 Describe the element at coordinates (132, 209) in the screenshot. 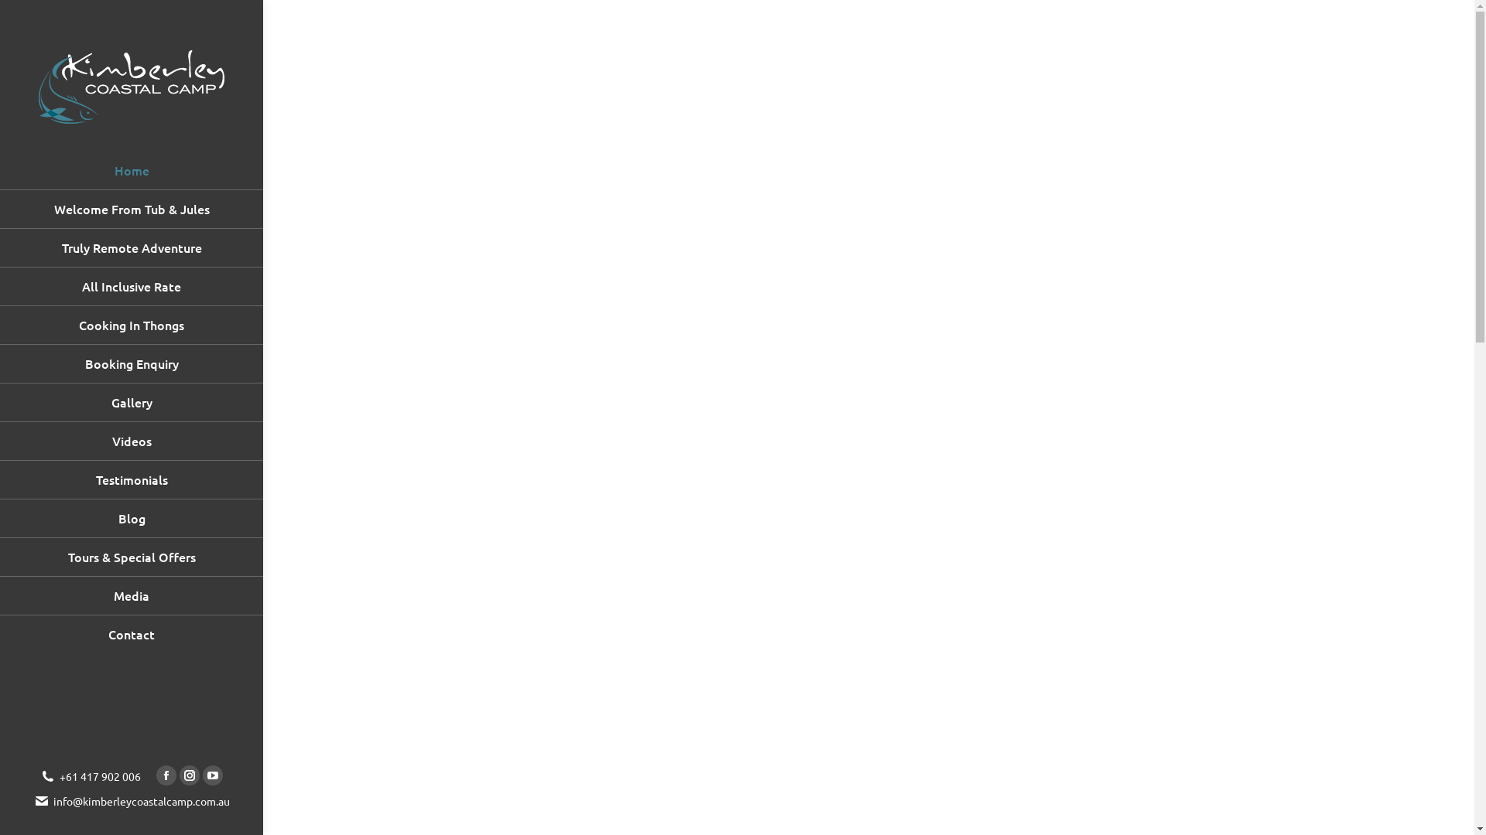

I see `'Welcome From Tub & Jules'` at that location.